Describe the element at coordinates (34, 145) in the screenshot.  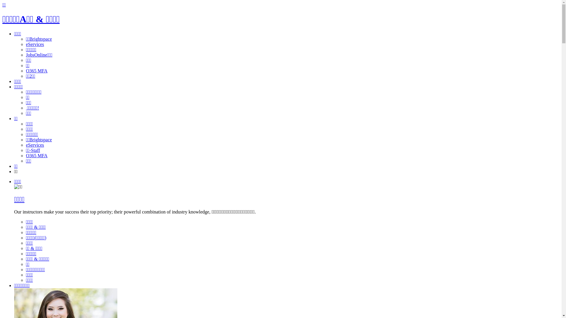
I see `'eServices'` at that location.